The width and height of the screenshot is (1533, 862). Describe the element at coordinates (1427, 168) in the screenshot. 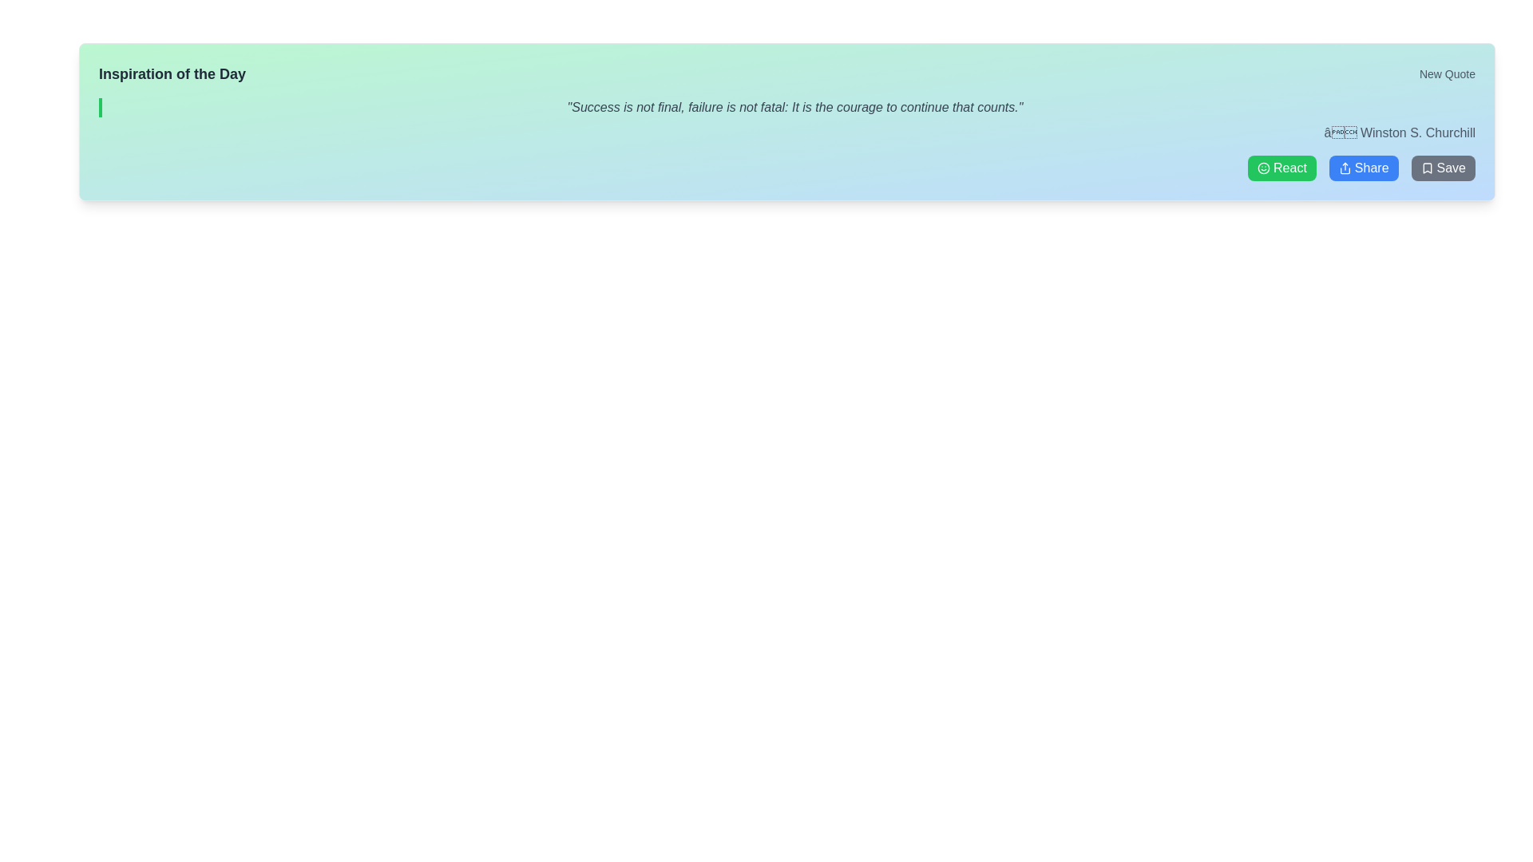

I see `the bookmark icon located within the 'Save' button, which is positioned on the right side of the interface next to the 'Save' label` at that location.